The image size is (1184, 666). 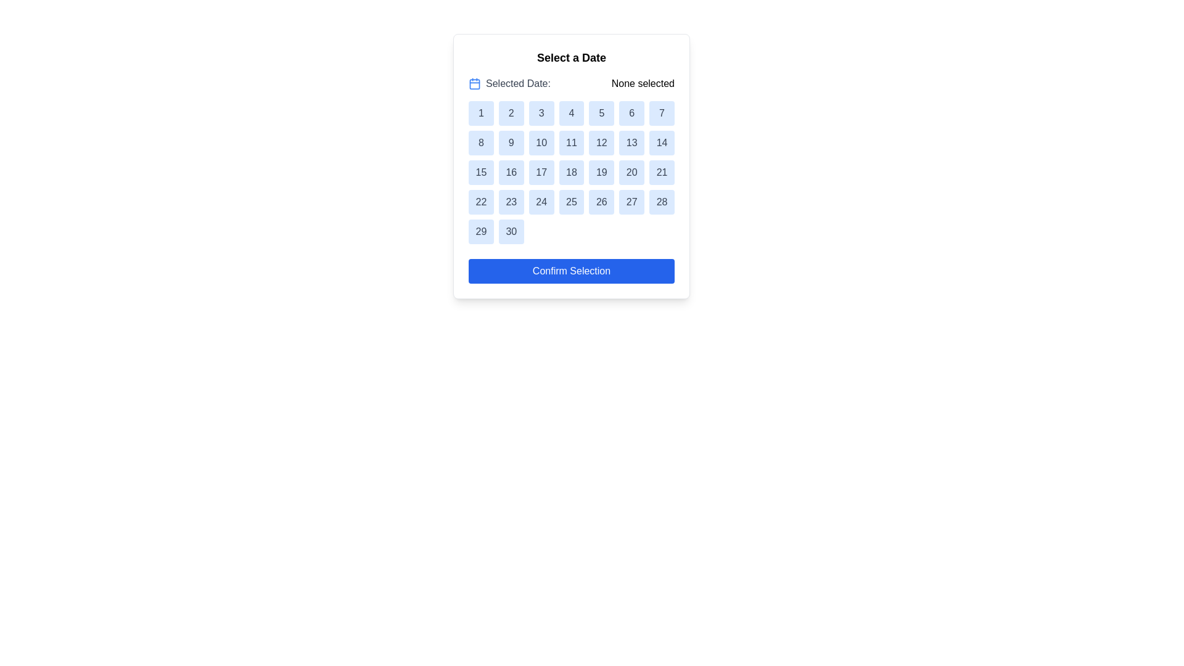 What do you see at coordinates (570, 113) in the screenshot?
I see `the light blue button with the number '4' centered inside it, located in the first row and fourth column of a grid in the date selection modal` at bounding box center [570, 113].